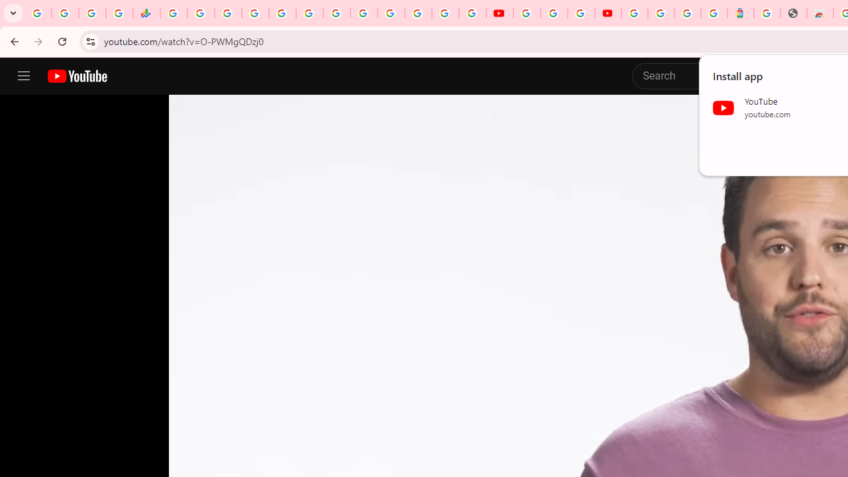  Describe the element at coordinates (608, 13) in the screenshot. I see `'Content Creator Programs & Opportunities - YouTube Creators'` at that location.